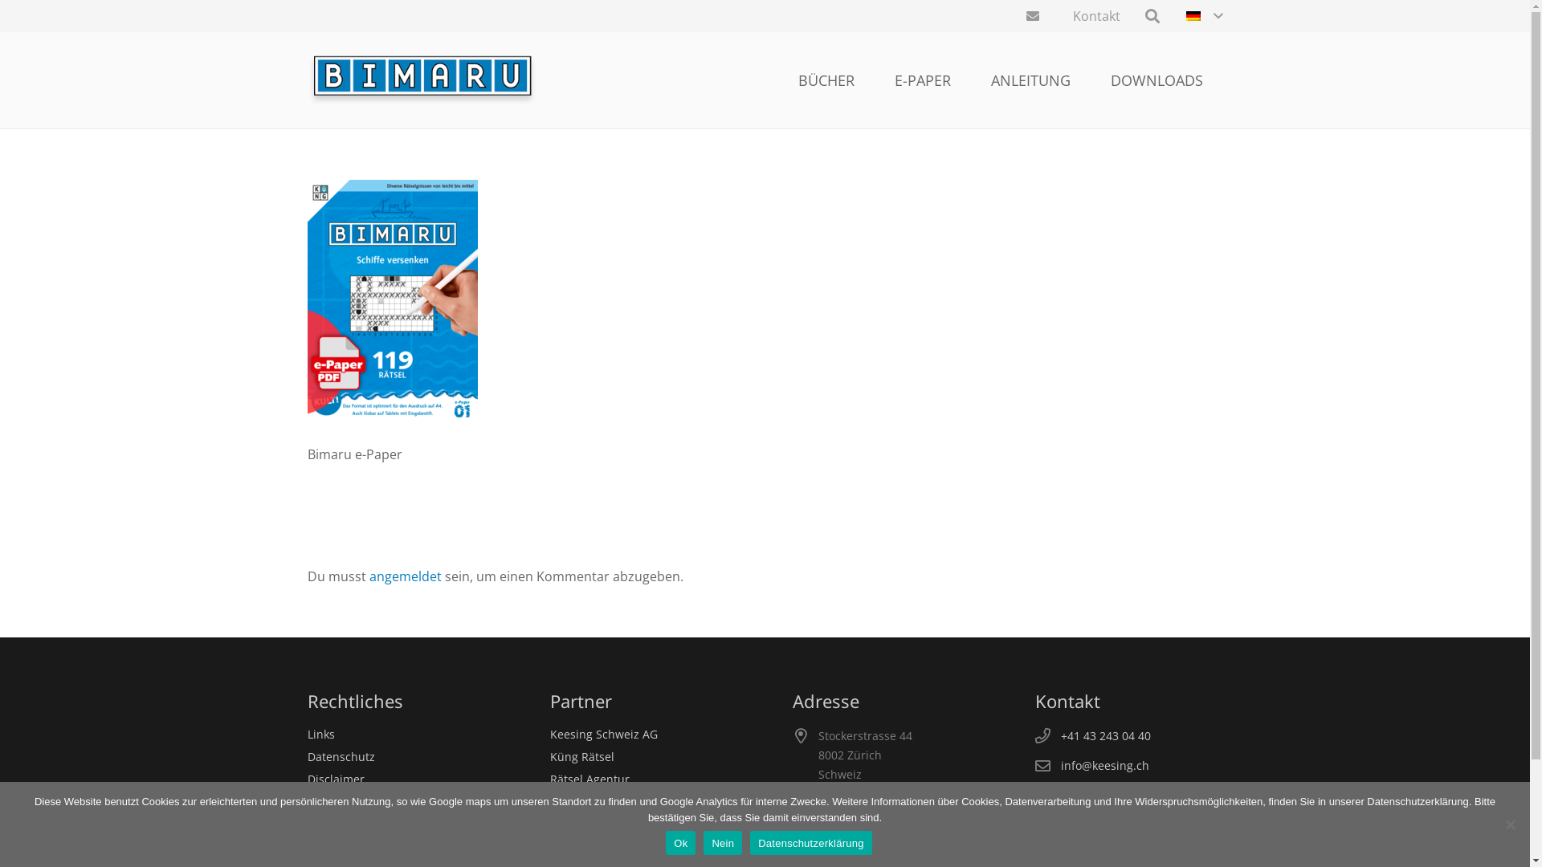 This screenshot has width=1542, height=867. What do you see at coordinates (922, 80) in the screenshot?
I see `'E-PAPER'` at bounding box center [922, 80].